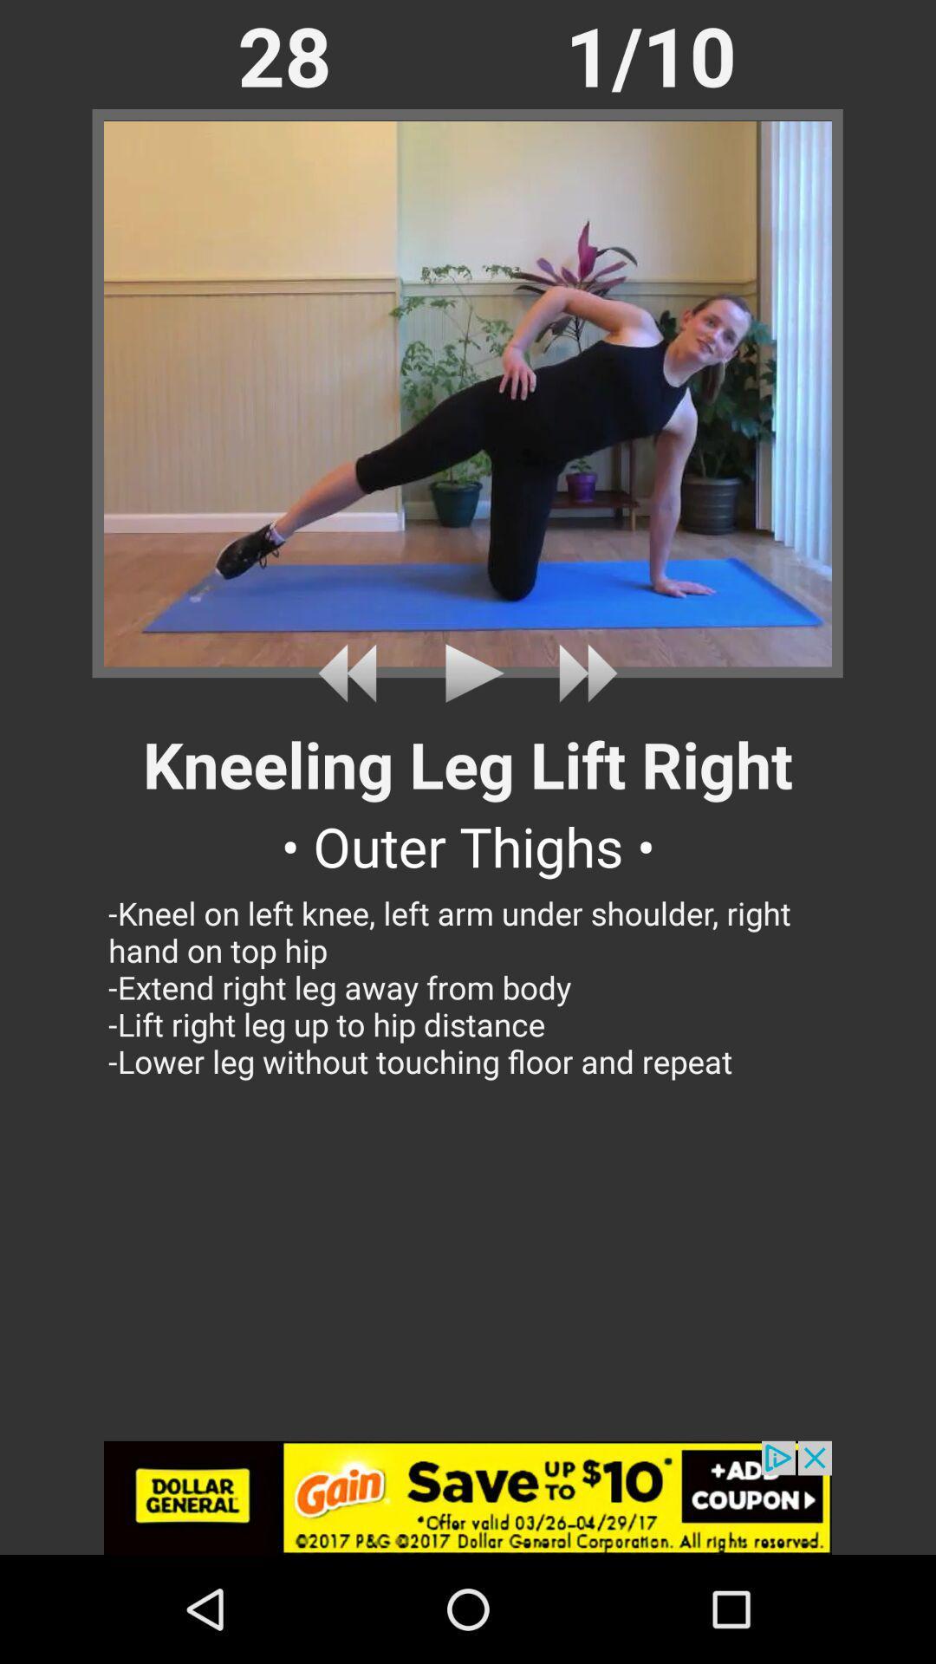 The height and width of the screenshot is (1664, 936). Describe the element at coordinates (582, 673) in the screenshot. I see `video fast forward` at that location.